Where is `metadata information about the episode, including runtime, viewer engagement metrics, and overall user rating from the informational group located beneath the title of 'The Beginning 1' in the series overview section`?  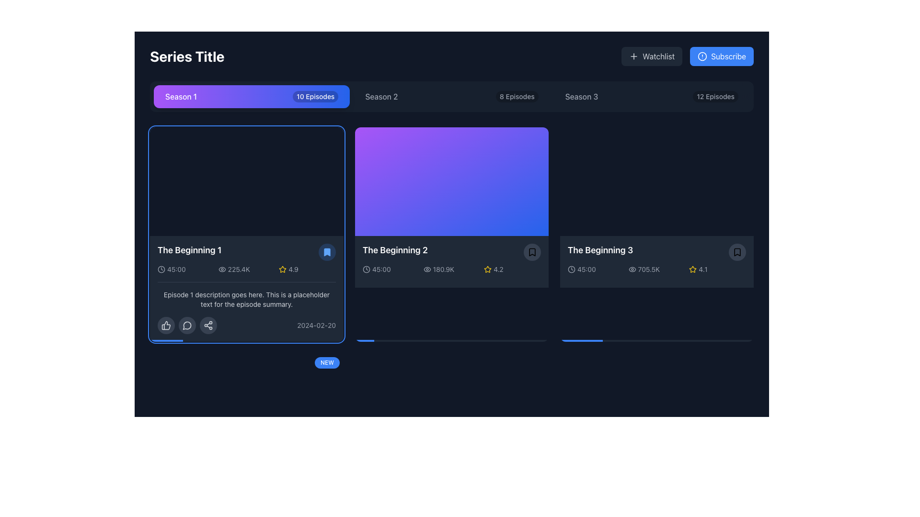
metadata information about the episode, including runtime, viewer engagement metrics, and overall user rating from the informational group located beneath the title of 'The Beginning 1' in the series overview section is located at coordinates (246, 270).